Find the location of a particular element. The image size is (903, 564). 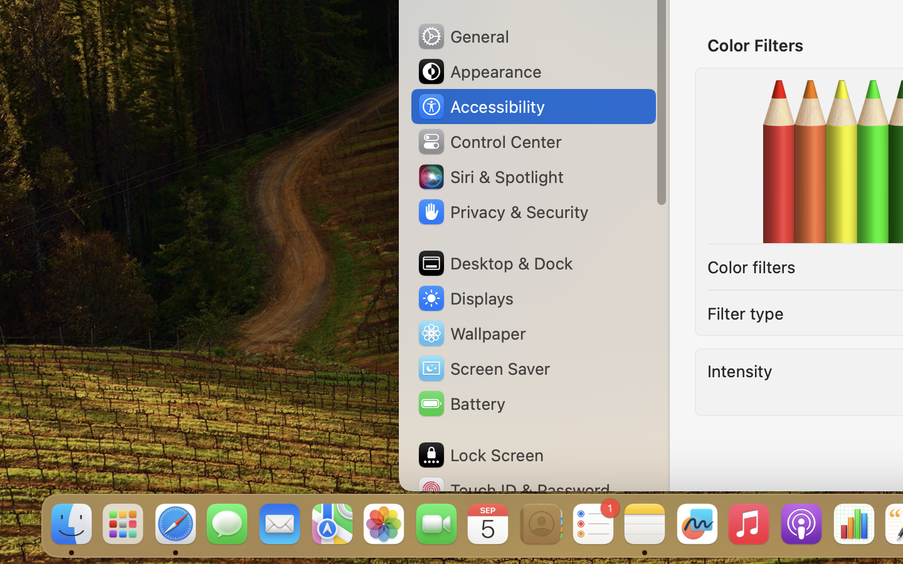

'Control Center' is located at coordinates (488, 141).